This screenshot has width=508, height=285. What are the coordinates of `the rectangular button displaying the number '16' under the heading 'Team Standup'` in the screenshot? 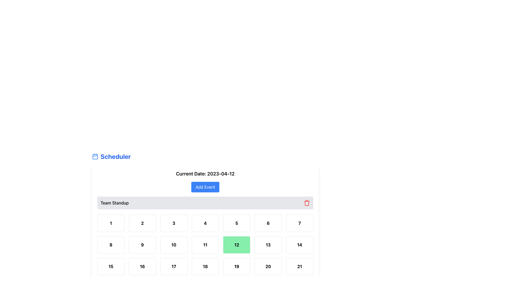 It's located at (142, 267).